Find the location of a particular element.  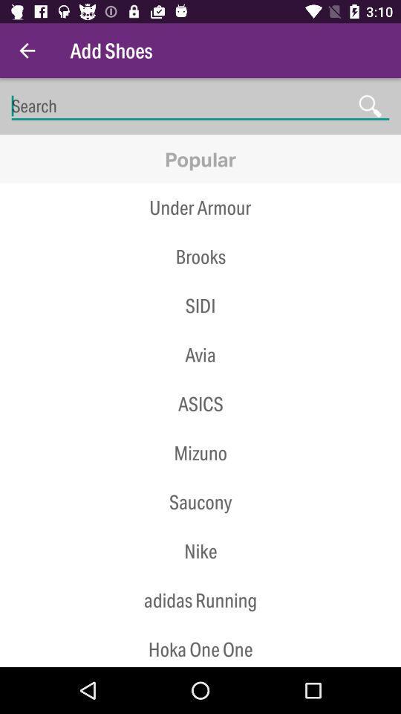

search show brands is located at coordinates (200, 106).